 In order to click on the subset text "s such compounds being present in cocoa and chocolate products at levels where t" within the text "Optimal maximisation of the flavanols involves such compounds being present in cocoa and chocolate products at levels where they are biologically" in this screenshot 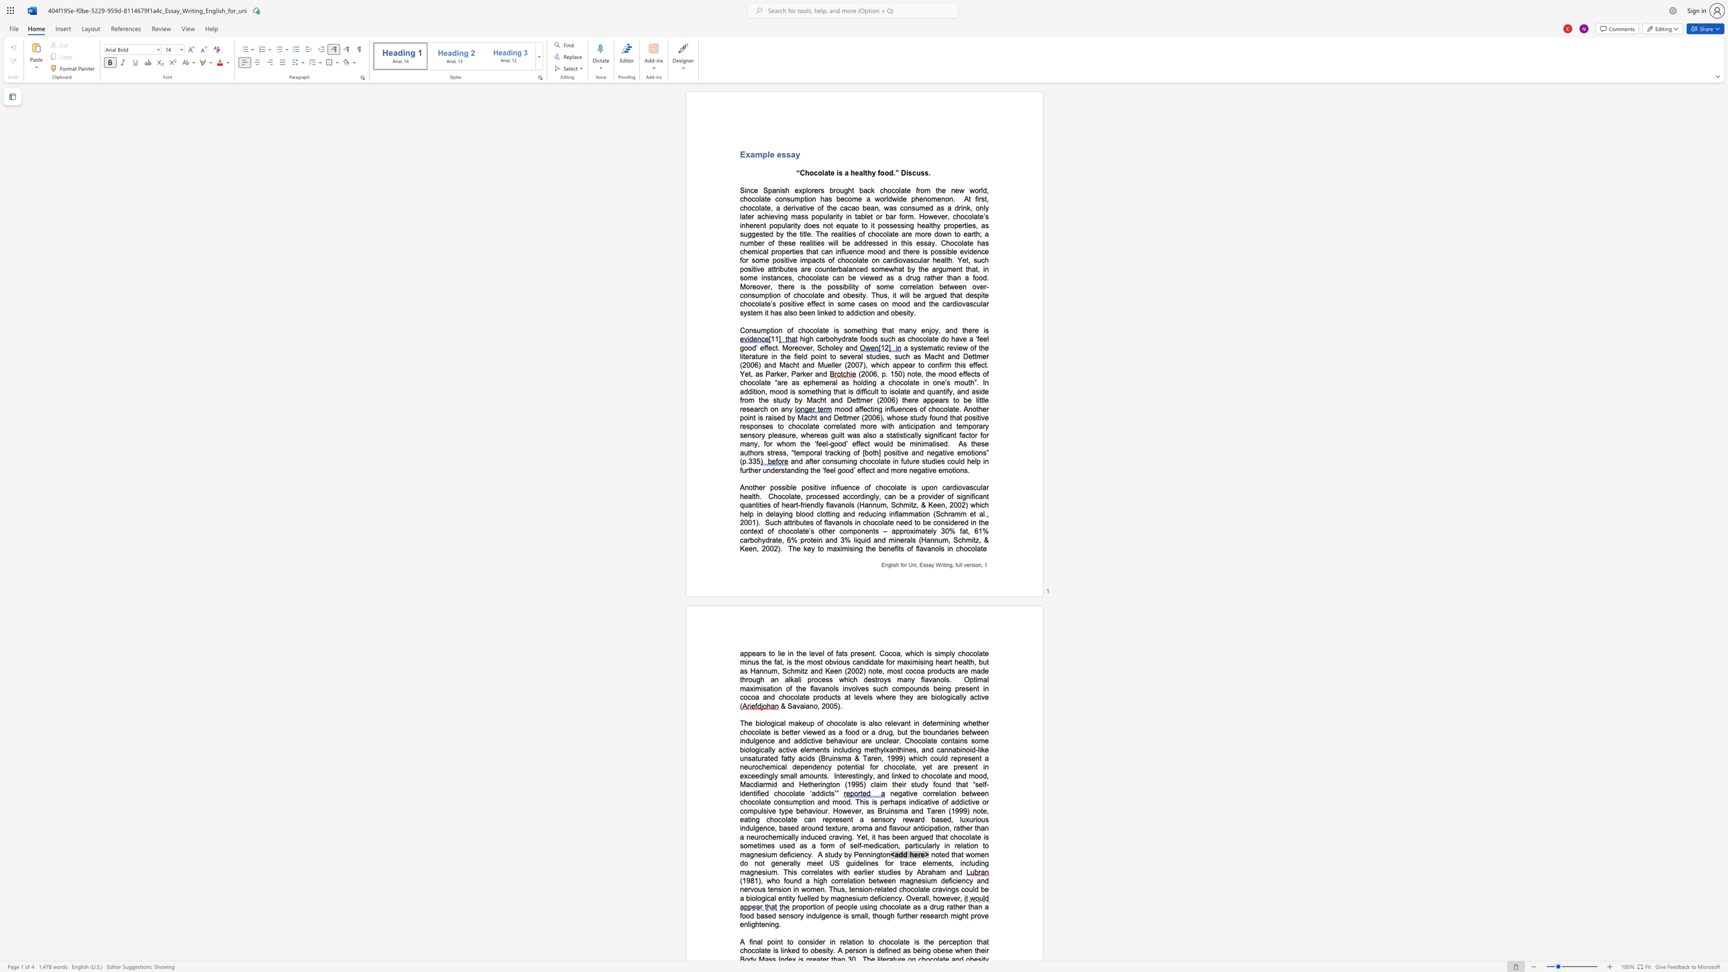, I will do `click(865, 688)`.